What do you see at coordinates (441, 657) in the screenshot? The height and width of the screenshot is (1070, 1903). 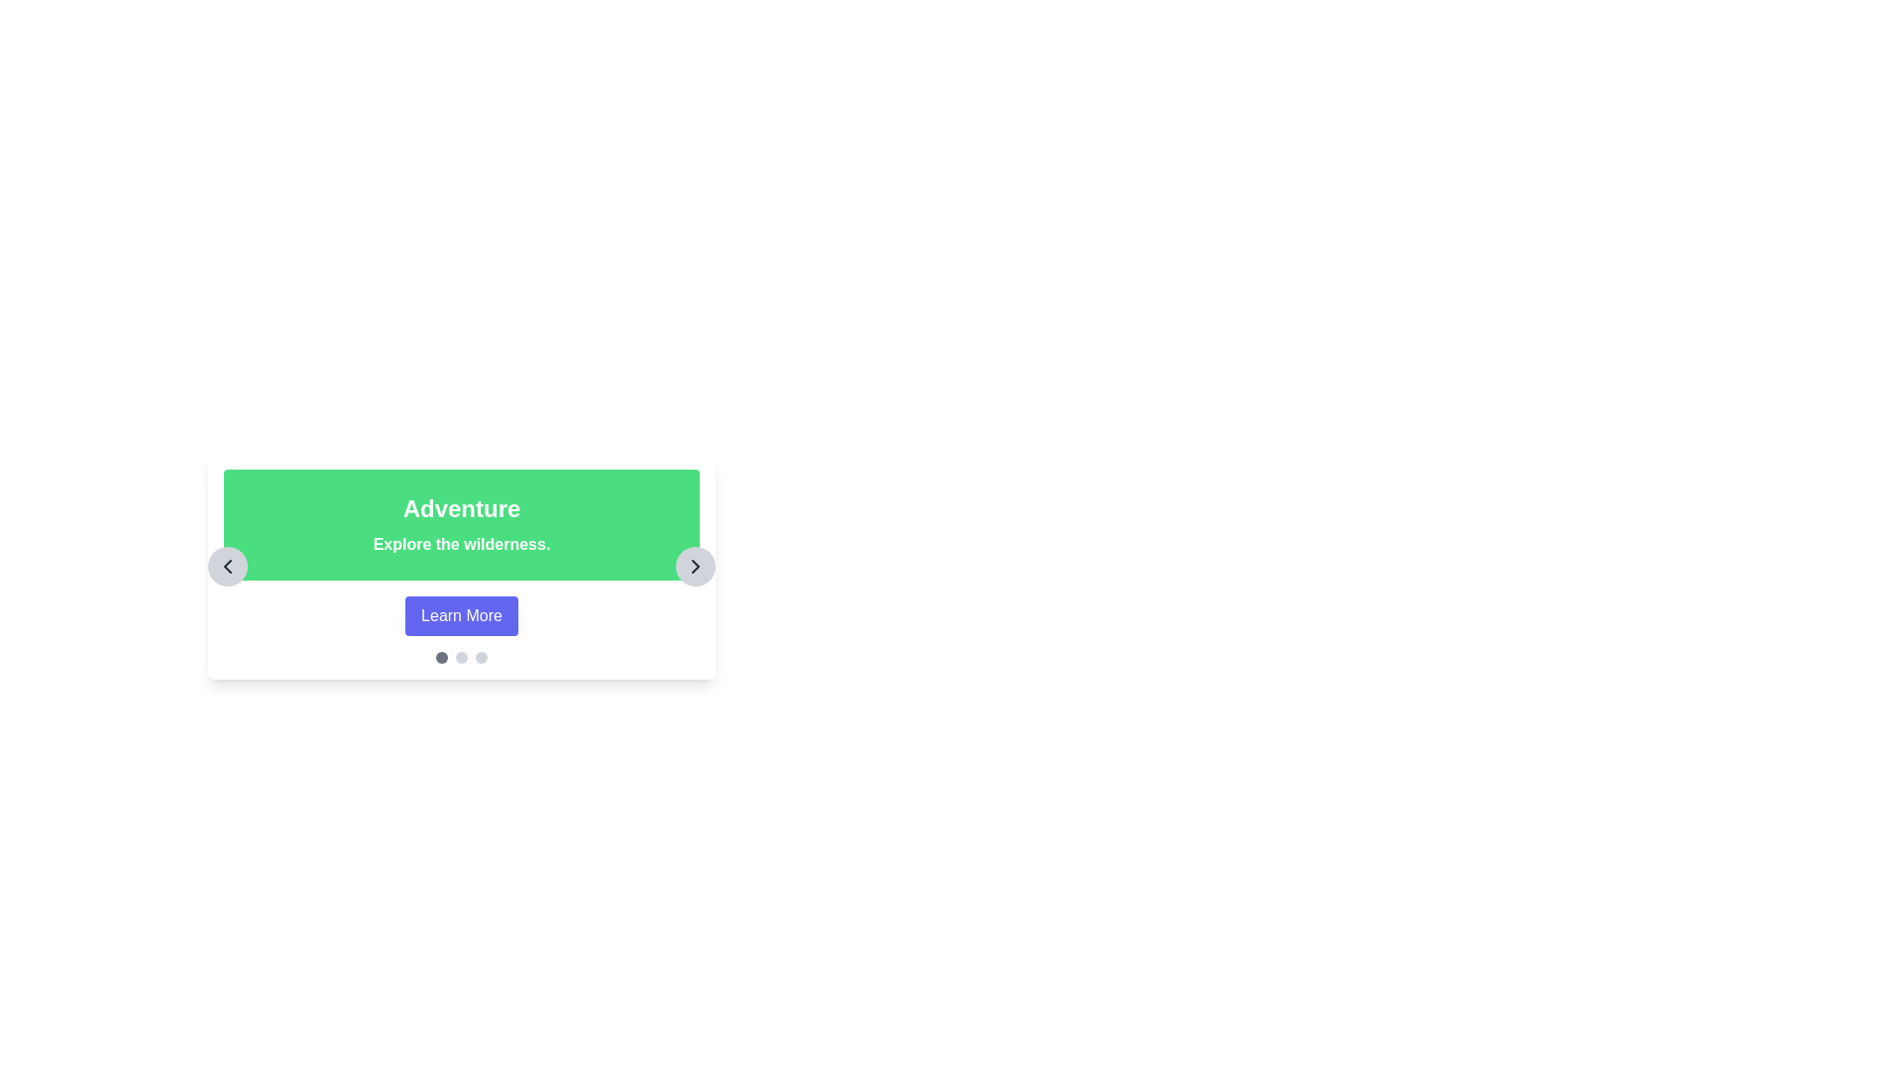 I see `the first circular pagination indicator, which is a small gray dot with rounded edges` at bounding box center [441, 657].